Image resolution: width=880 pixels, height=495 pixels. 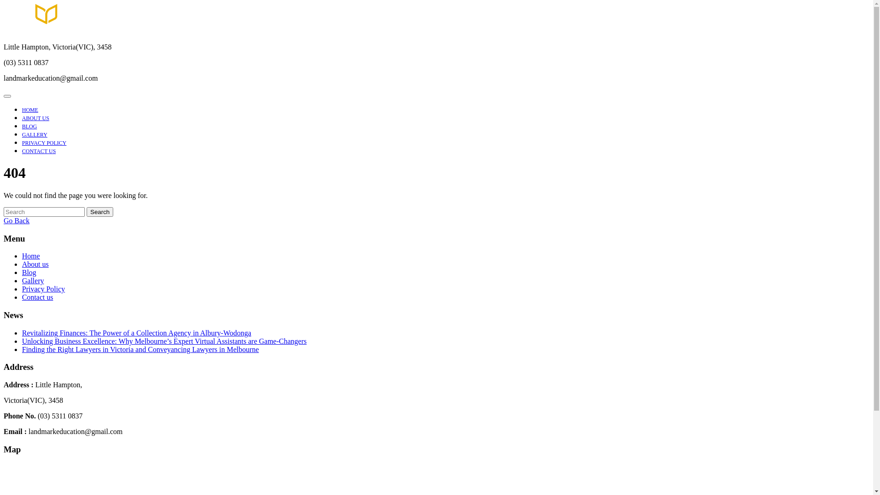 What do you see at coordinates (22, 134) in the screenshot?
I see `'GALLERY'` at bounding box center [22, 134].